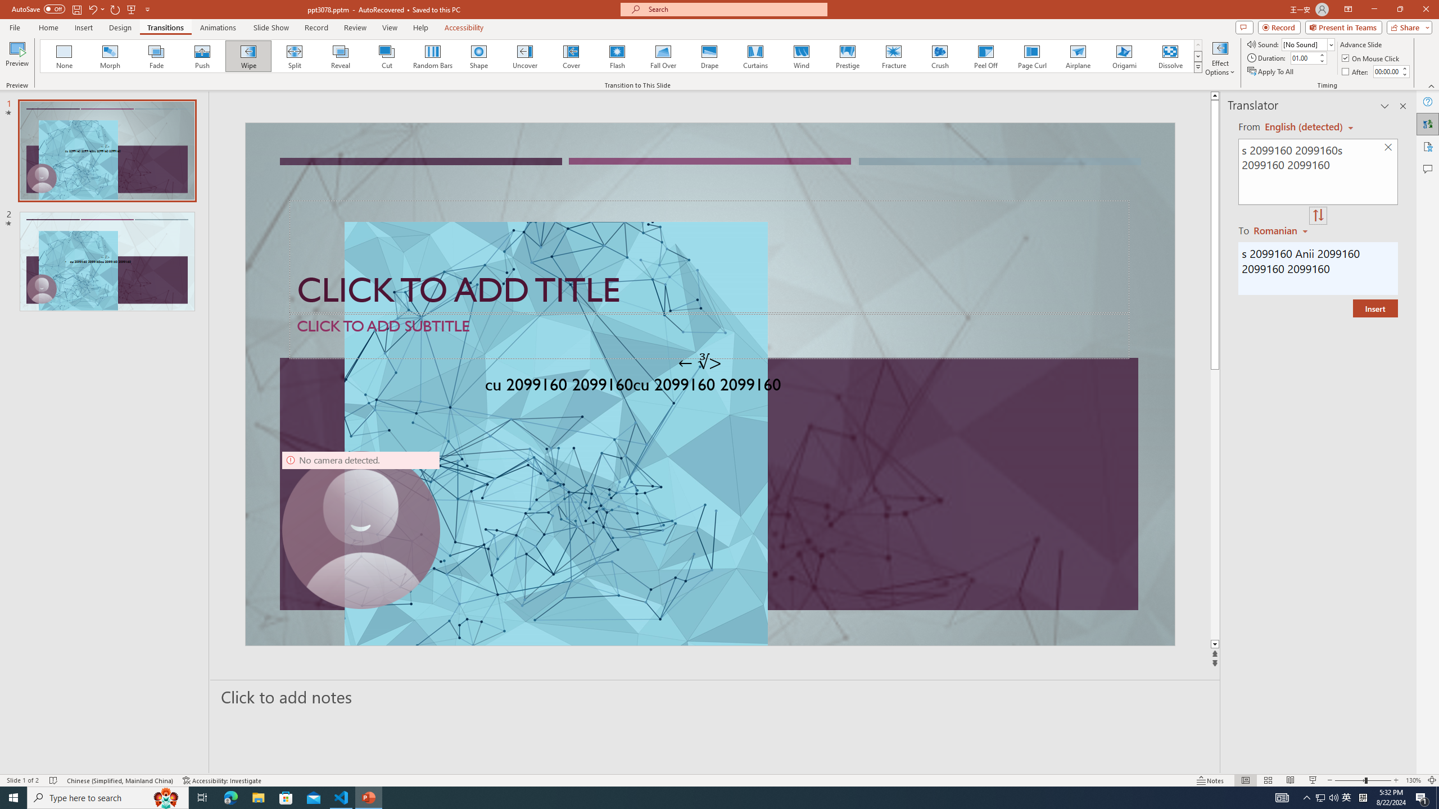  What do you see at coordinates (202, 56) in the screenshot?
I see `'Push'` at bounding box center [202, 56].